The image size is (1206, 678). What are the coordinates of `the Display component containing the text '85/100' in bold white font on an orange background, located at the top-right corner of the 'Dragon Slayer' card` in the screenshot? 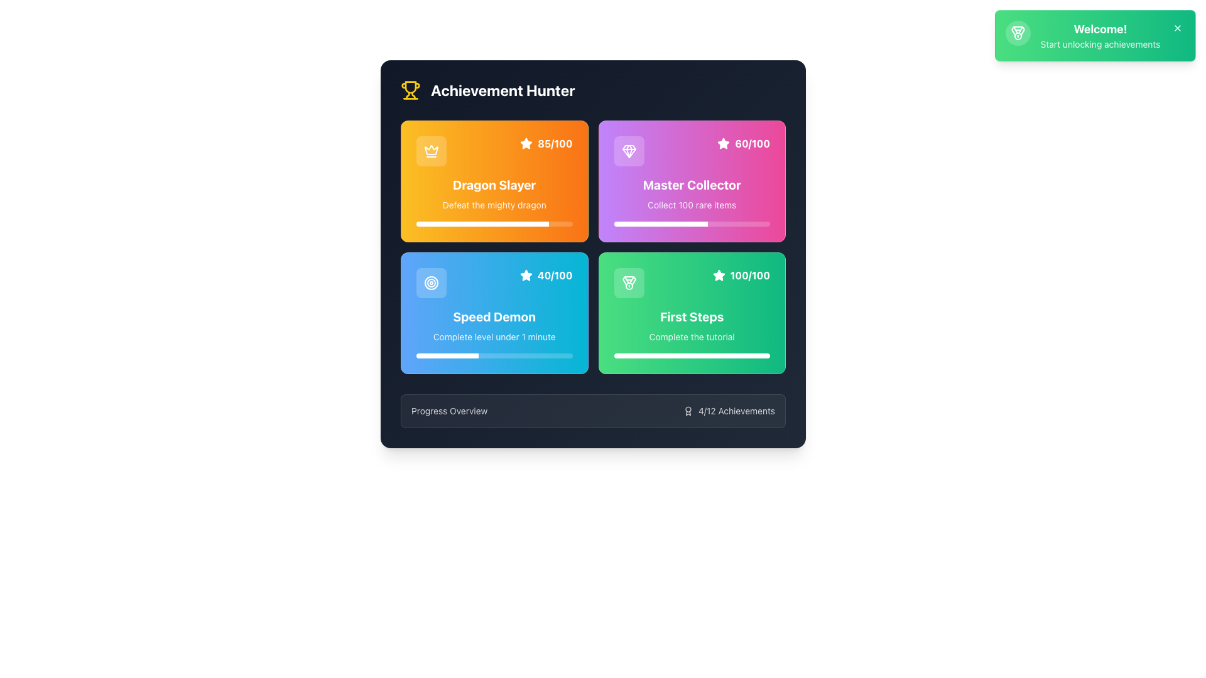 It's located at (546, 143).